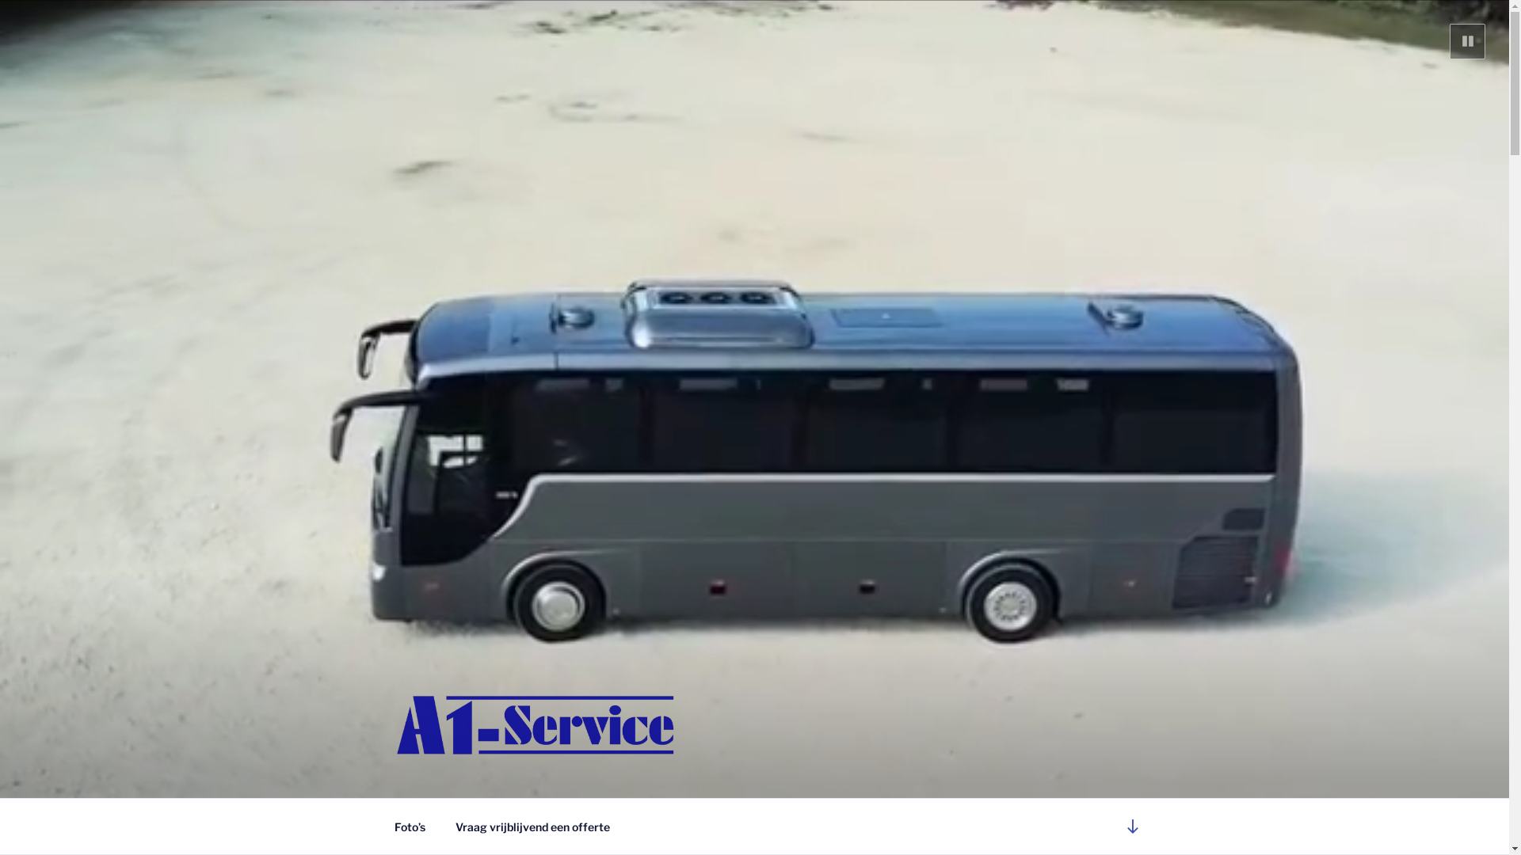 The height and width of the screenshot is (855, 1521). What do you see at coordinates (1131, 825) in the screenshot?
I see `'Scroll omlaag naar de content'` at bounding box center [1131, 825].